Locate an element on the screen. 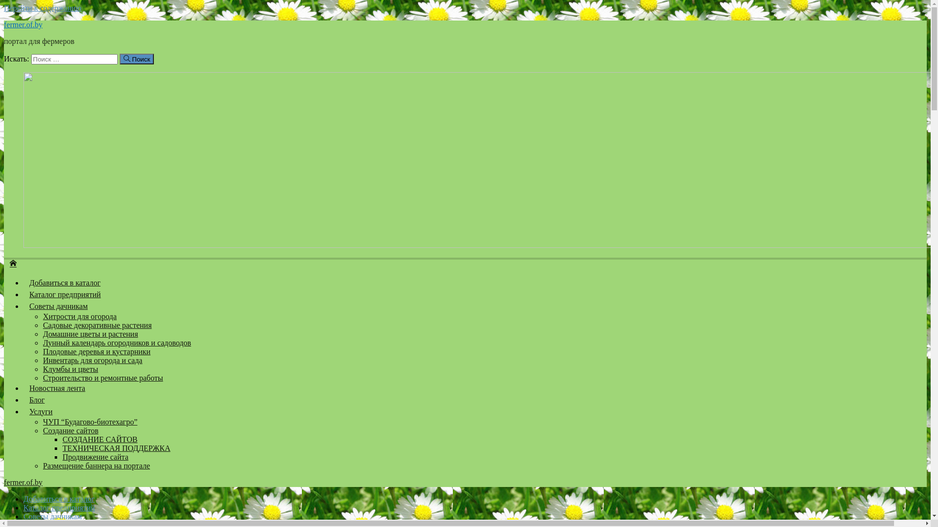  'fermer.of.by' is located at coordinates (23, 482).